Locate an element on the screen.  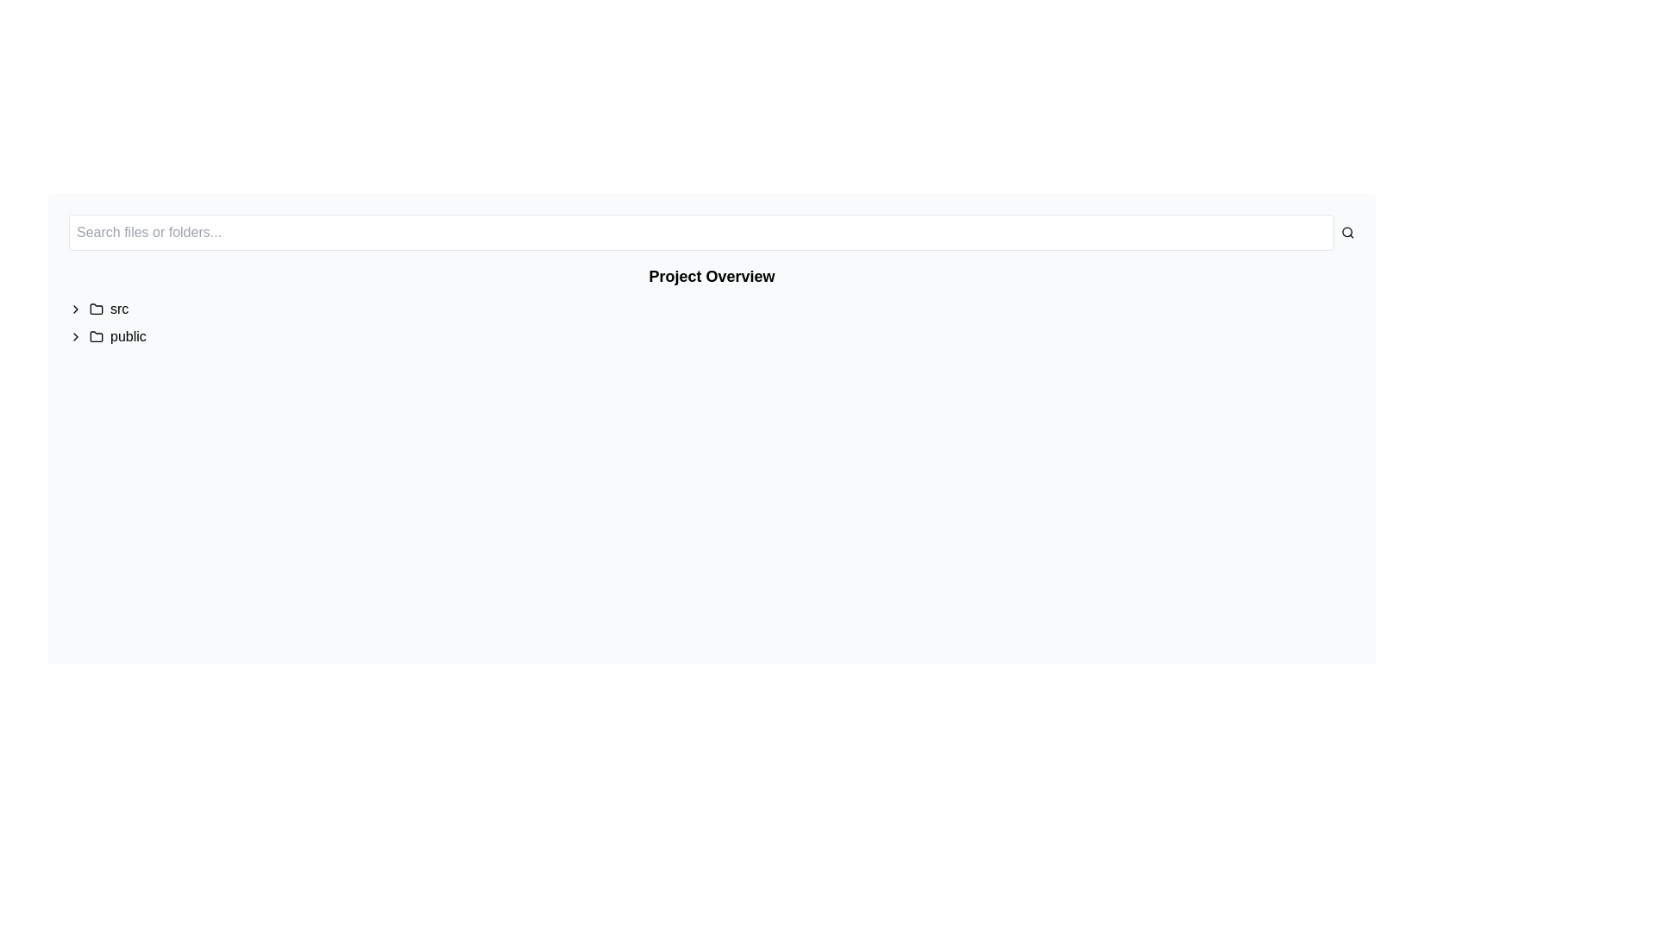
the label element identifying the folder named 'src' is located at coordinates (118, 308).